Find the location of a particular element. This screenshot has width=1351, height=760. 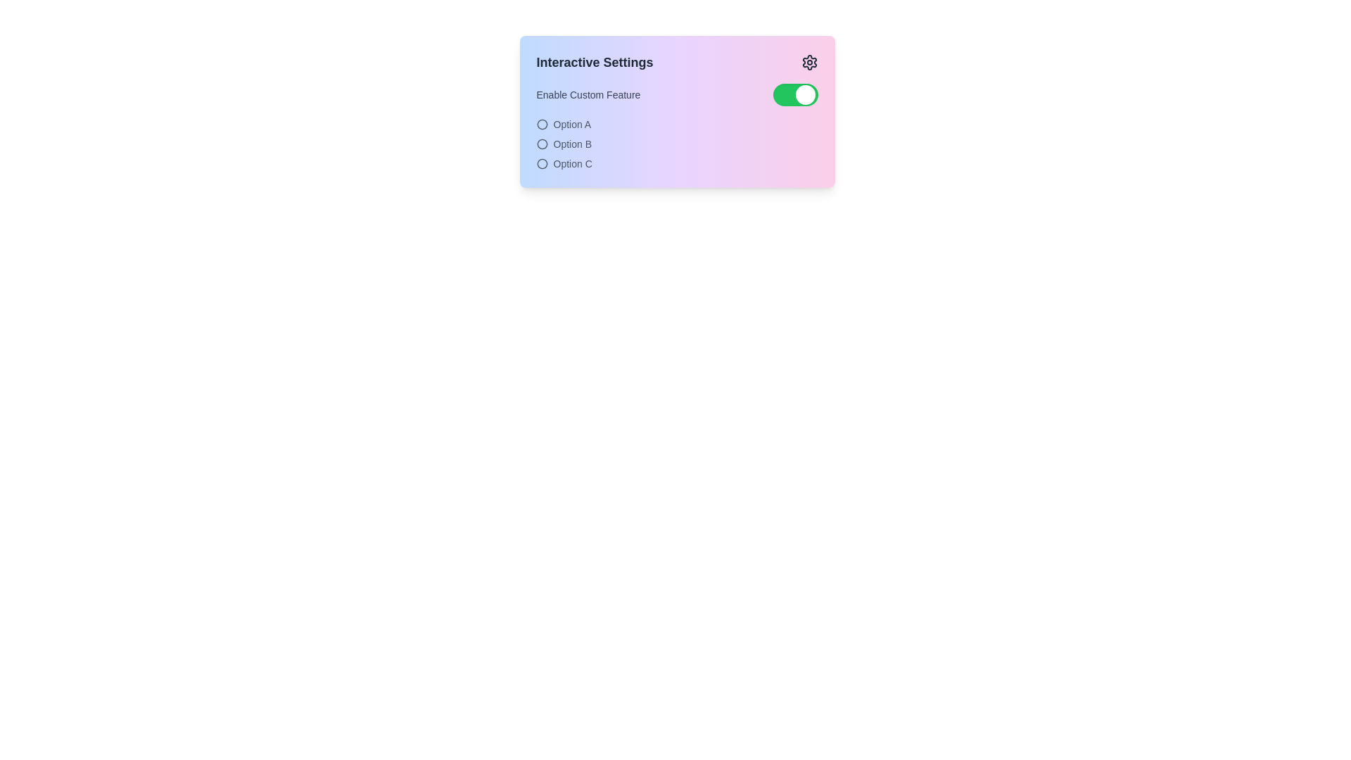

the radio button for 'Option C' is located at coordinates (541, 163).